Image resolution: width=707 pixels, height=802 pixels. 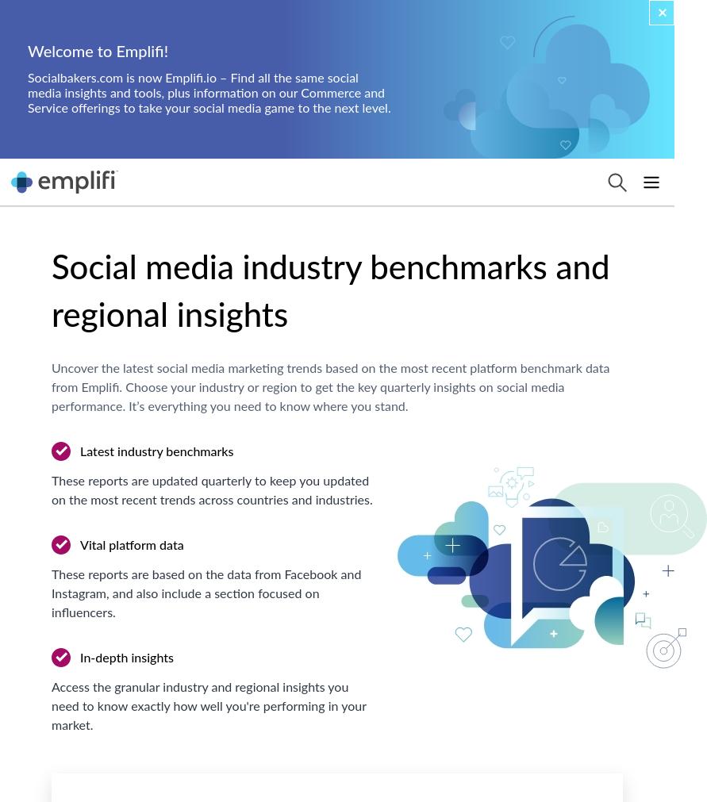 I want to click on 'Access the granular industry and regional insights you need to know exactly how well you're performing in your market.', so click(x=52, y=706).